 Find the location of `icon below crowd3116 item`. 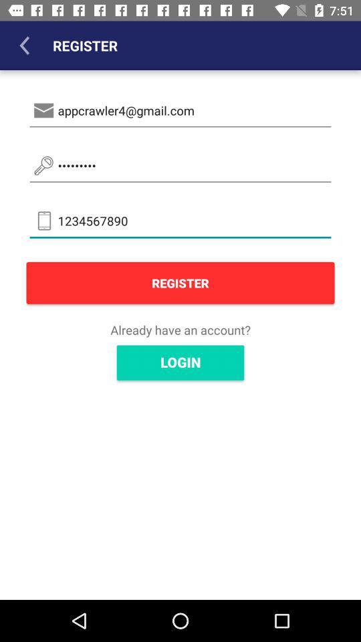

icon below crowd3116 item is located at coordinates (180, 221).